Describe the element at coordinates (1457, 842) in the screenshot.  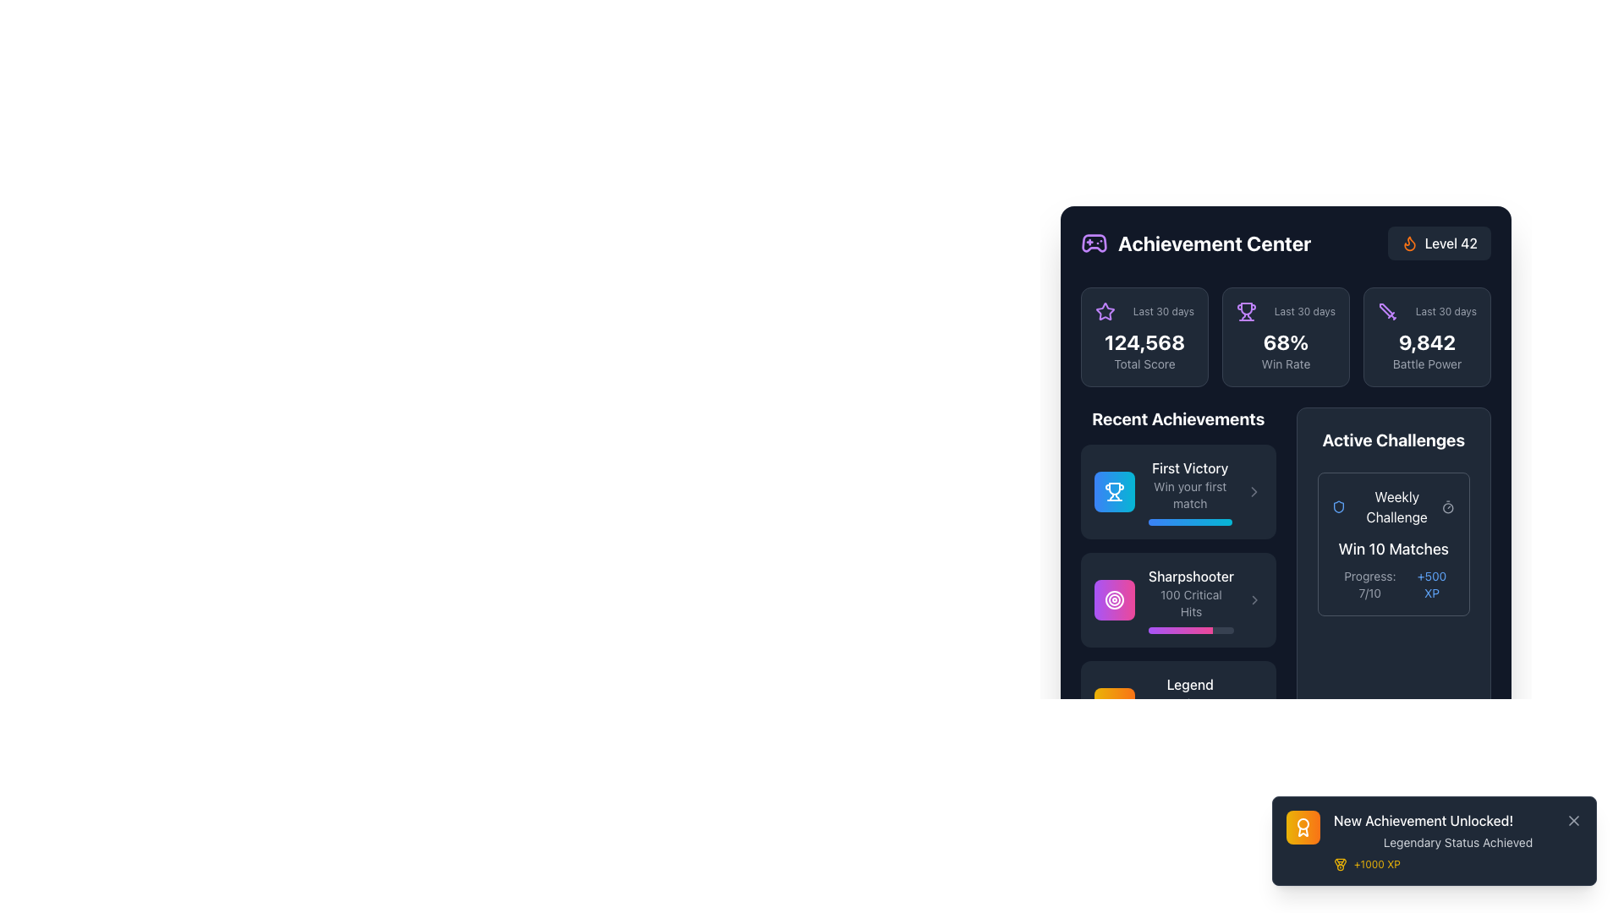
I see `informational text label located below the title 'New Achievement Unlocked!' and above the '+1000 XP' text in the notification bubble` at that location.